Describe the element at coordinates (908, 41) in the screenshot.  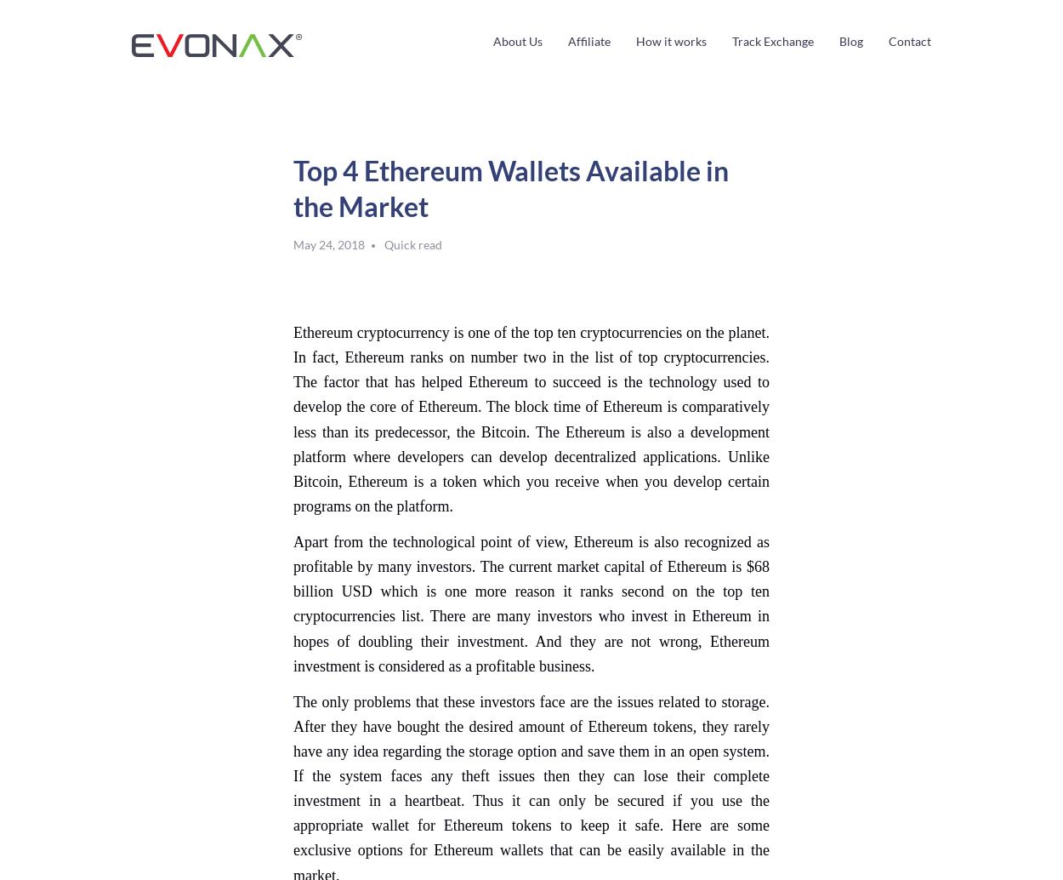
I see `'Contact'` at that location.